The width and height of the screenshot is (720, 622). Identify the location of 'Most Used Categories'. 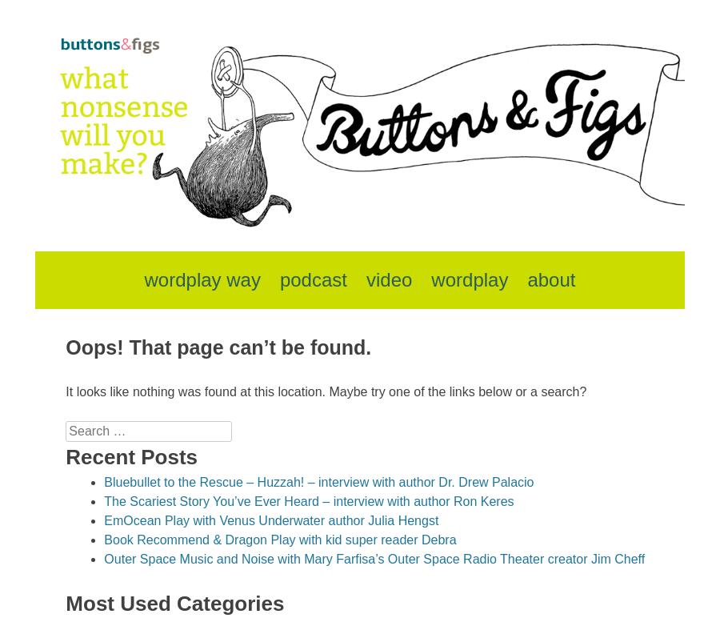
(174, 601).